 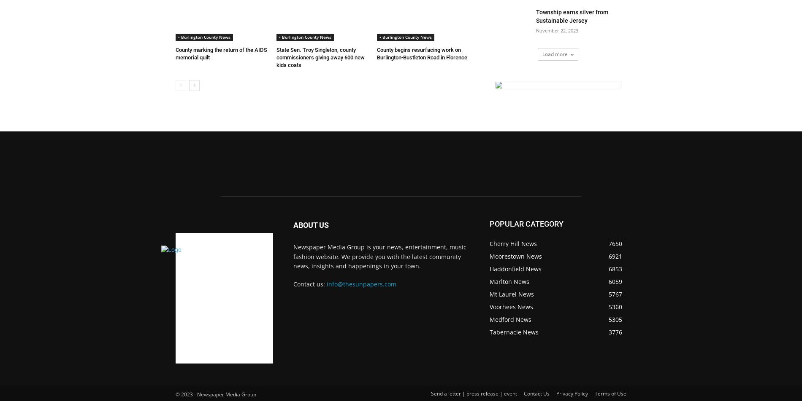 What do you see at coordinates (509, 281) in the screenshot?
I see `'Marlton News'` at bounding box center [509, 281].